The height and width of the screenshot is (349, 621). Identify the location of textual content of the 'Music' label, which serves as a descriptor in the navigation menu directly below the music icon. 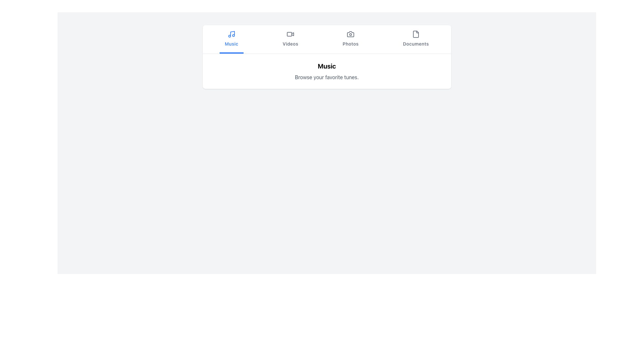
(231, 44).